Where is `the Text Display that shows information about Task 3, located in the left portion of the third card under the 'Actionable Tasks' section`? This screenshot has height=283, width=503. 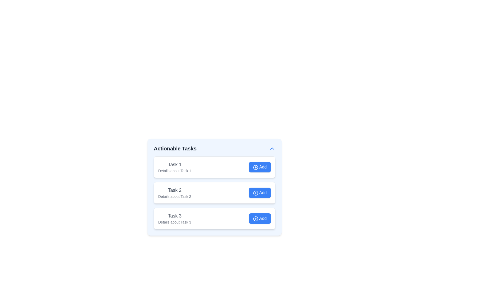 the Text Display that shows information about Task 3, located in the left portion of the third card under the 'Actionable Tasks' section is located at coordinates (174, 218).